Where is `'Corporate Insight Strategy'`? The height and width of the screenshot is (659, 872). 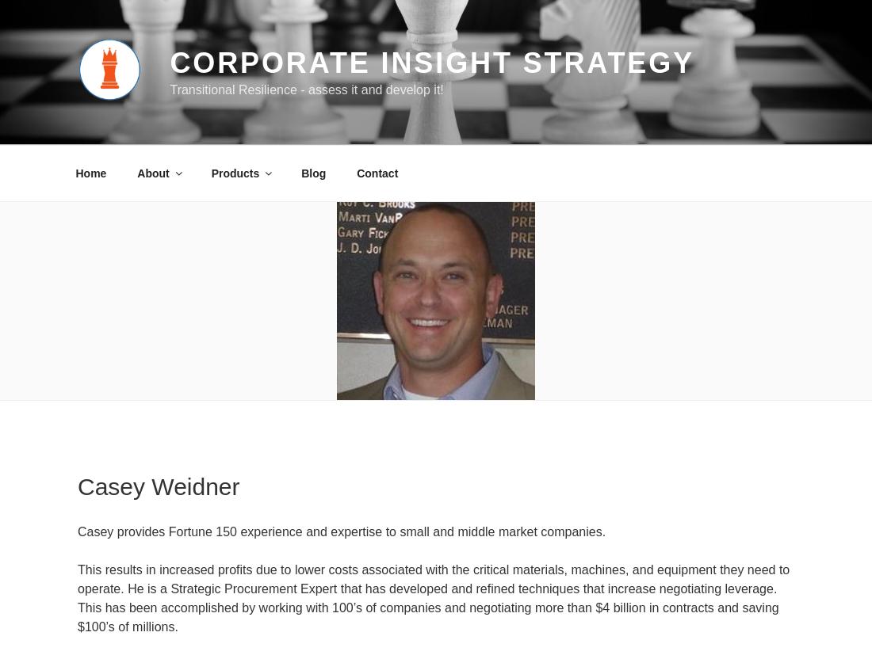
'Corporate Insight Strategy' is located at coordinates (432, 62).